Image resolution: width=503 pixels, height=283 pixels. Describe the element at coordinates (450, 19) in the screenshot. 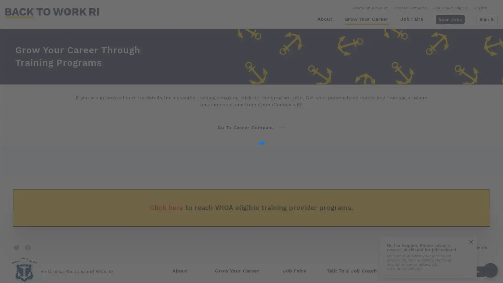

I see `Open Jobs` at that location.